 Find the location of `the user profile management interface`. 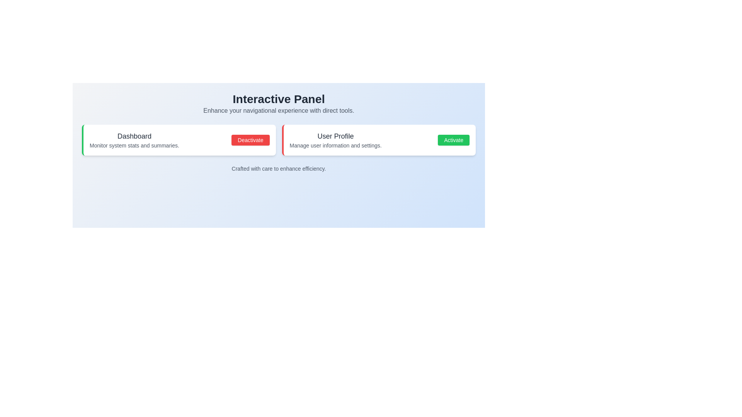

the user profile management interface is located at coordinates (380, 140).